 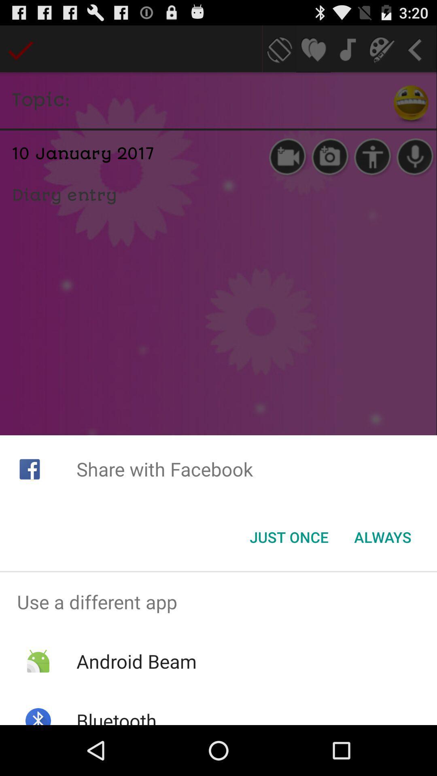 I want to click on item above android beam item, so click(x=218, y=602).